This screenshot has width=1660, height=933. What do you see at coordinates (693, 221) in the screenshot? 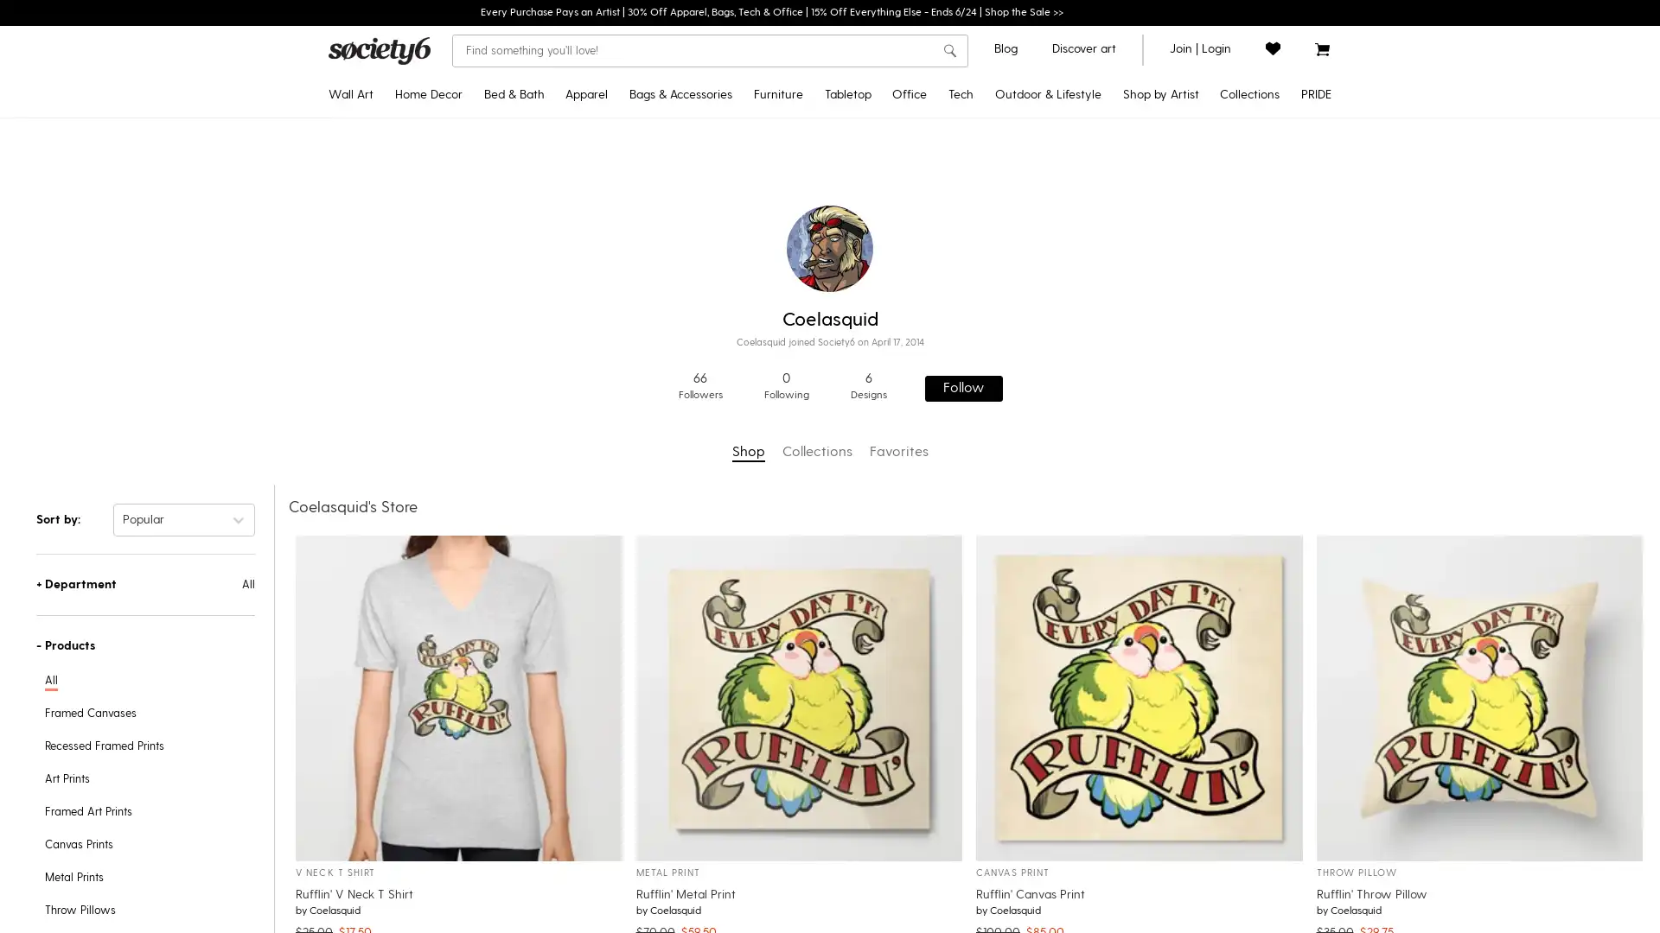
I see `Duffle Bags` at bounding box center [693, 221].